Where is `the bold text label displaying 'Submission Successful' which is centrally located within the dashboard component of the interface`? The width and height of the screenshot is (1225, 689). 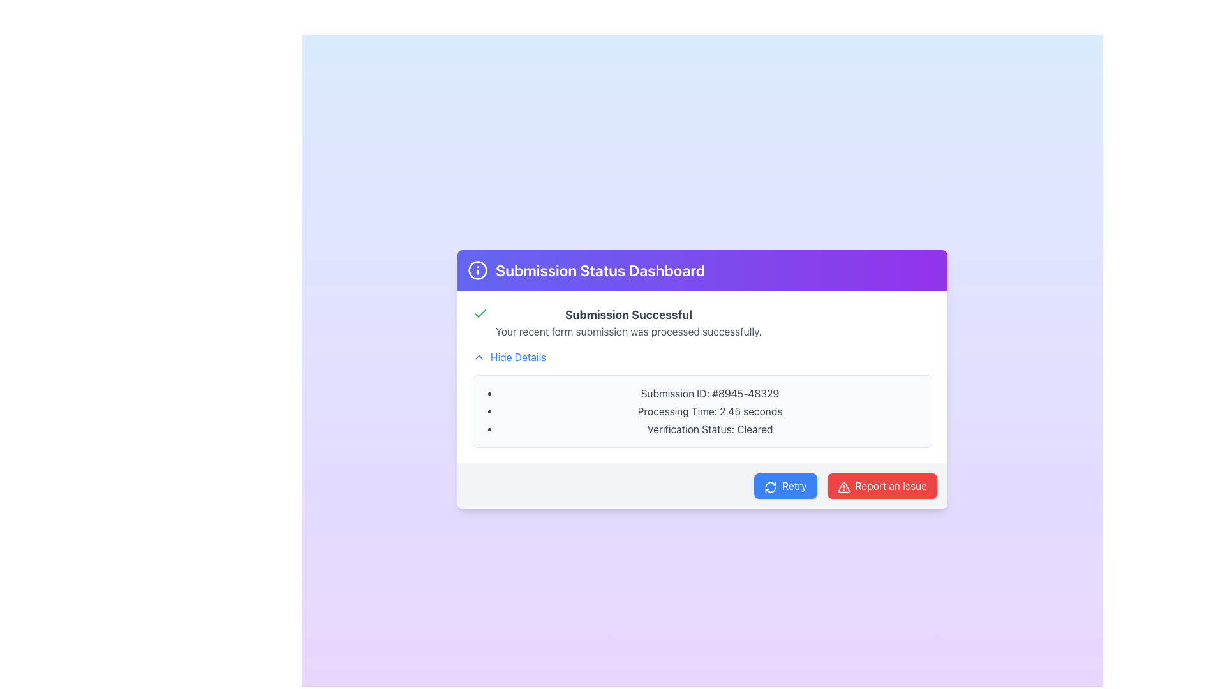
the bold text label displaying 'Submission Successful' which is centrally located within the dashboard component of the interface is located at coordinates (628, 315).